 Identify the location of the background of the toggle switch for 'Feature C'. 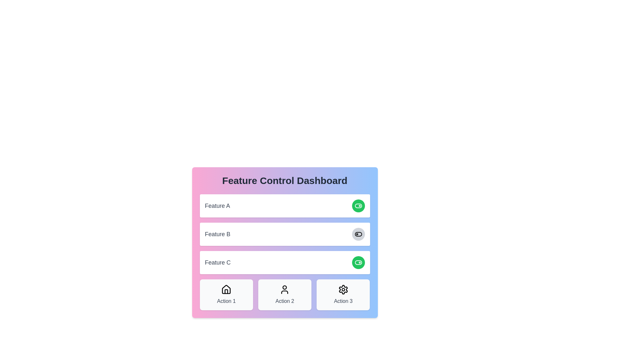
(358, 262).